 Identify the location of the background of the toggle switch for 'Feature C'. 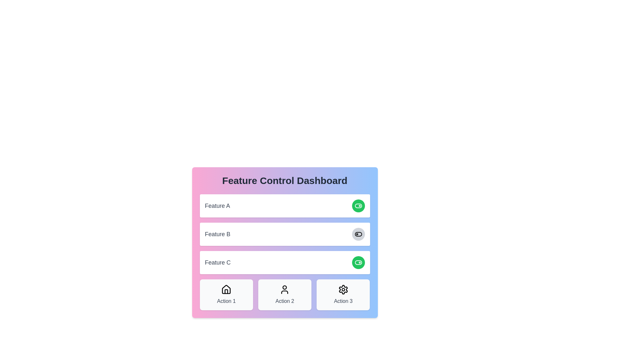
(358, 262).